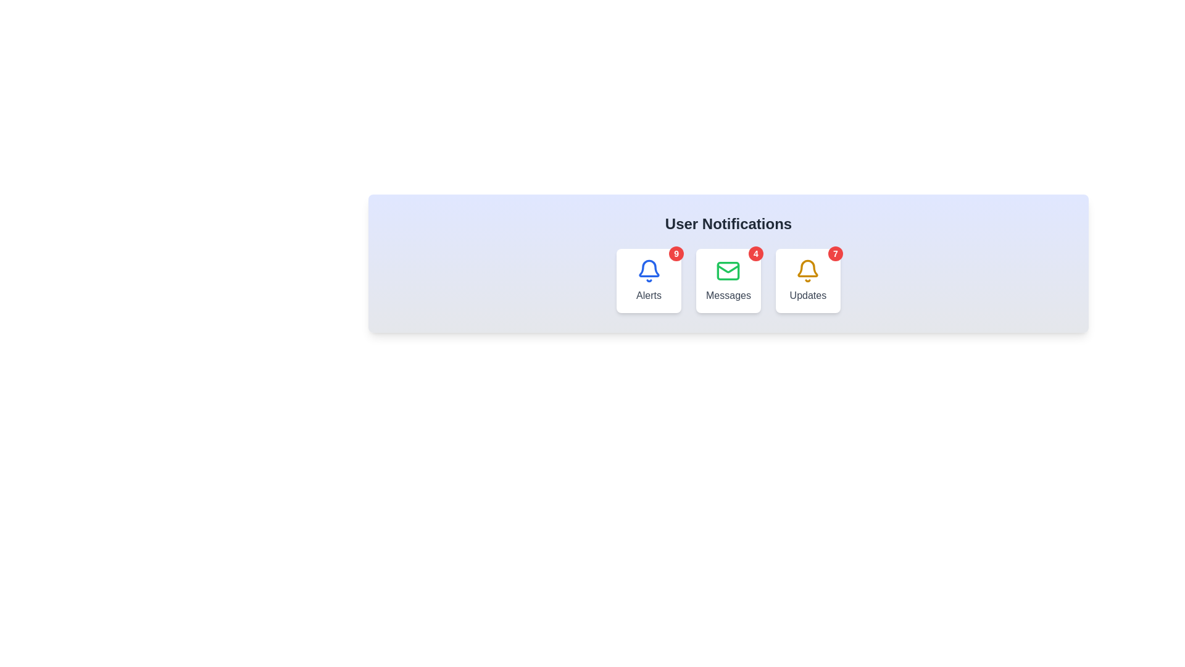 This screenshot has height=667, width=1185. What do you see at coordinates (728, 271) in the screenshot?
I see `the decorative shape representing the envelope icon in the 'Messages' card located between 'Alerts' and 'Updates' in the user notifications section` at bounding box center [728, 271].